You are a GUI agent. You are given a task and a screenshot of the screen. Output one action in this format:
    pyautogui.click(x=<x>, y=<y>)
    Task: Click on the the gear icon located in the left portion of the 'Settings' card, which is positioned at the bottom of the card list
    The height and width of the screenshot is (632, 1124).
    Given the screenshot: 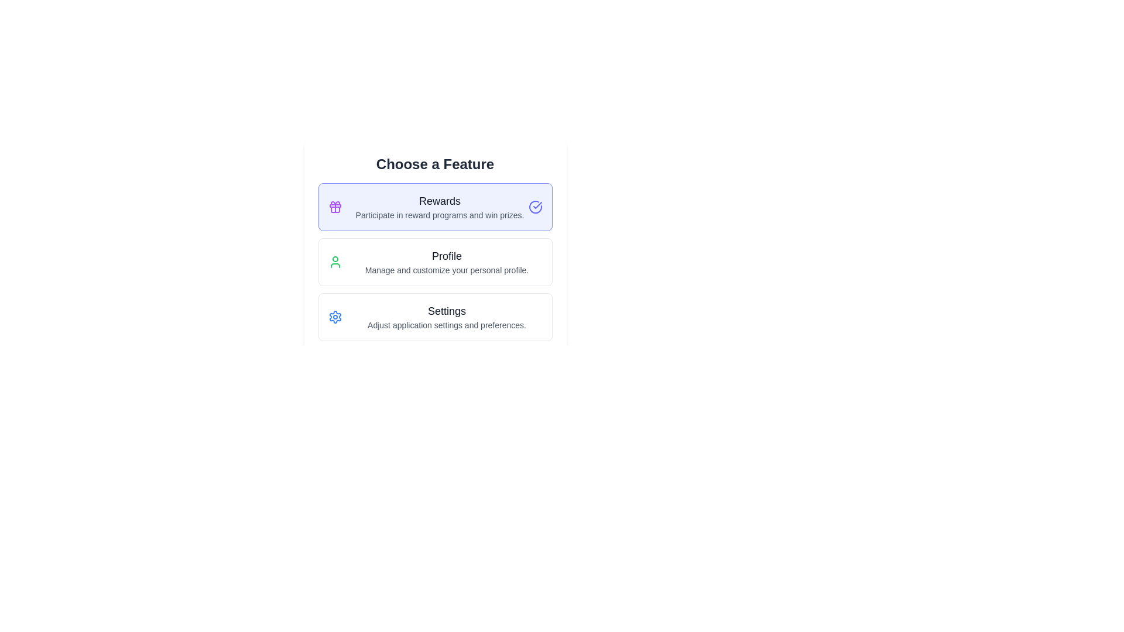 What is the action you would take?
    pyautogui.click(x=334, y=317)
    